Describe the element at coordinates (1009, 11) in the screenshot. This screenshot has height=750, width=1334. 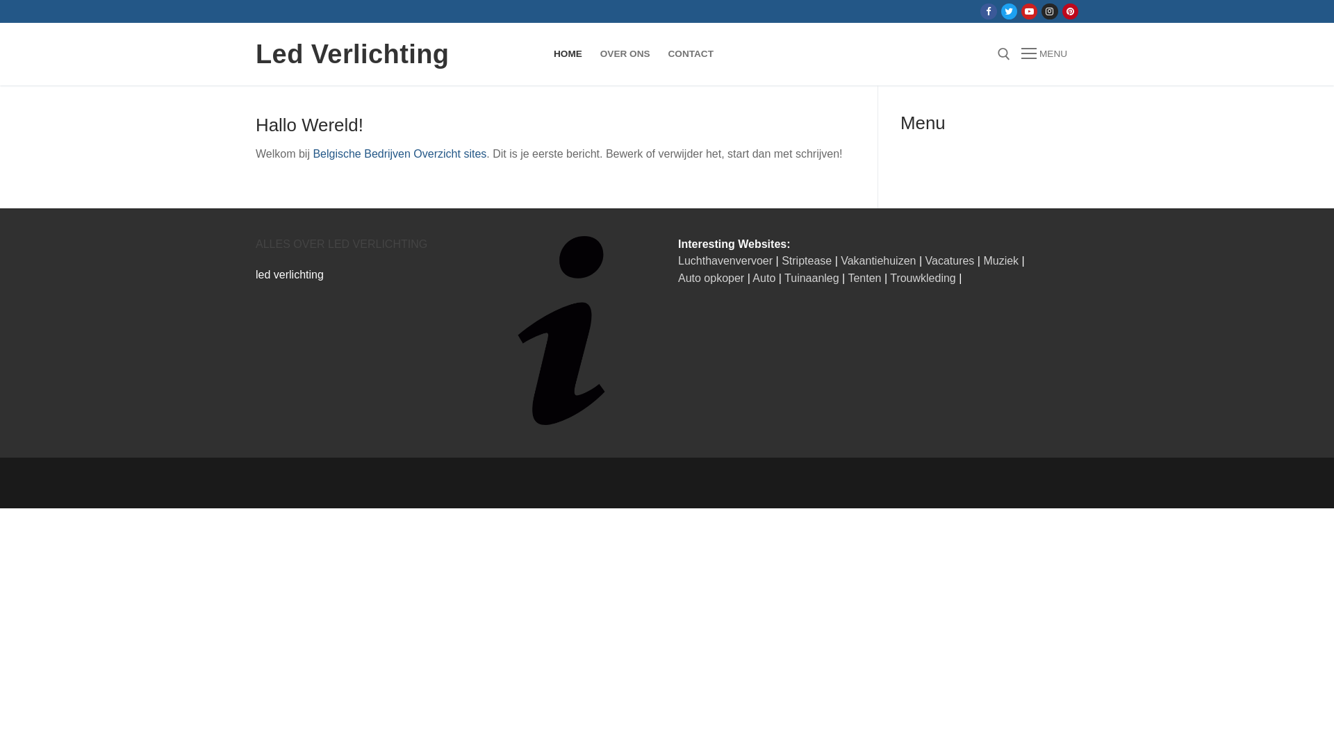
I see `'Twitter'` at that location.